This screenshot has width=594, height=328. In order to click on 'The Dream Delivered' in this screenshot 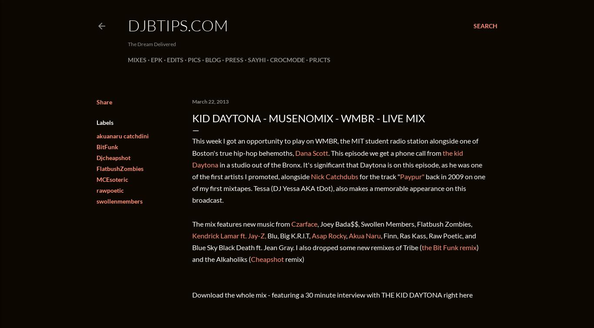, I will do `click(151, 44)`.